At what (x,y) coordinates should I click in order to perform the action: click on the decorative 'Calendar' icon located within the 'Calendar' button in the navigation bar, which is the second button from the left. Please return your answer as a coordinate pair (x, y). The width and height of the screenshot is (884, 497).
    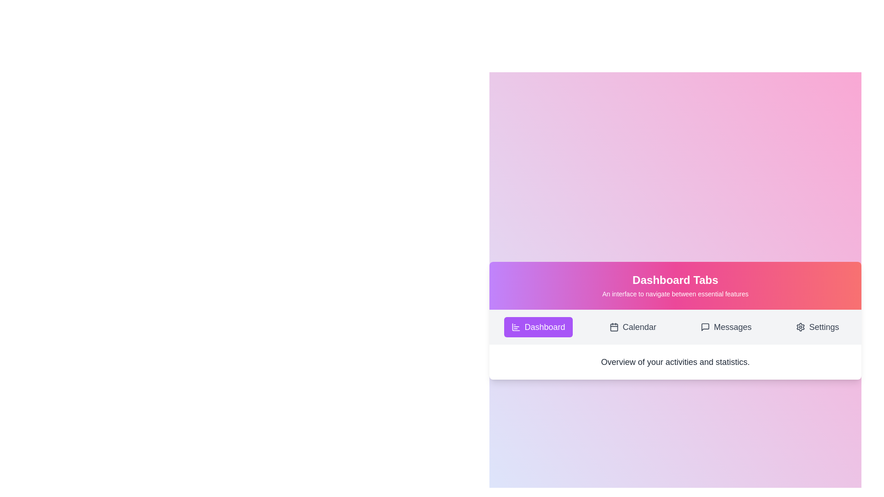
    Looking at the image, I should click on (614, 326).